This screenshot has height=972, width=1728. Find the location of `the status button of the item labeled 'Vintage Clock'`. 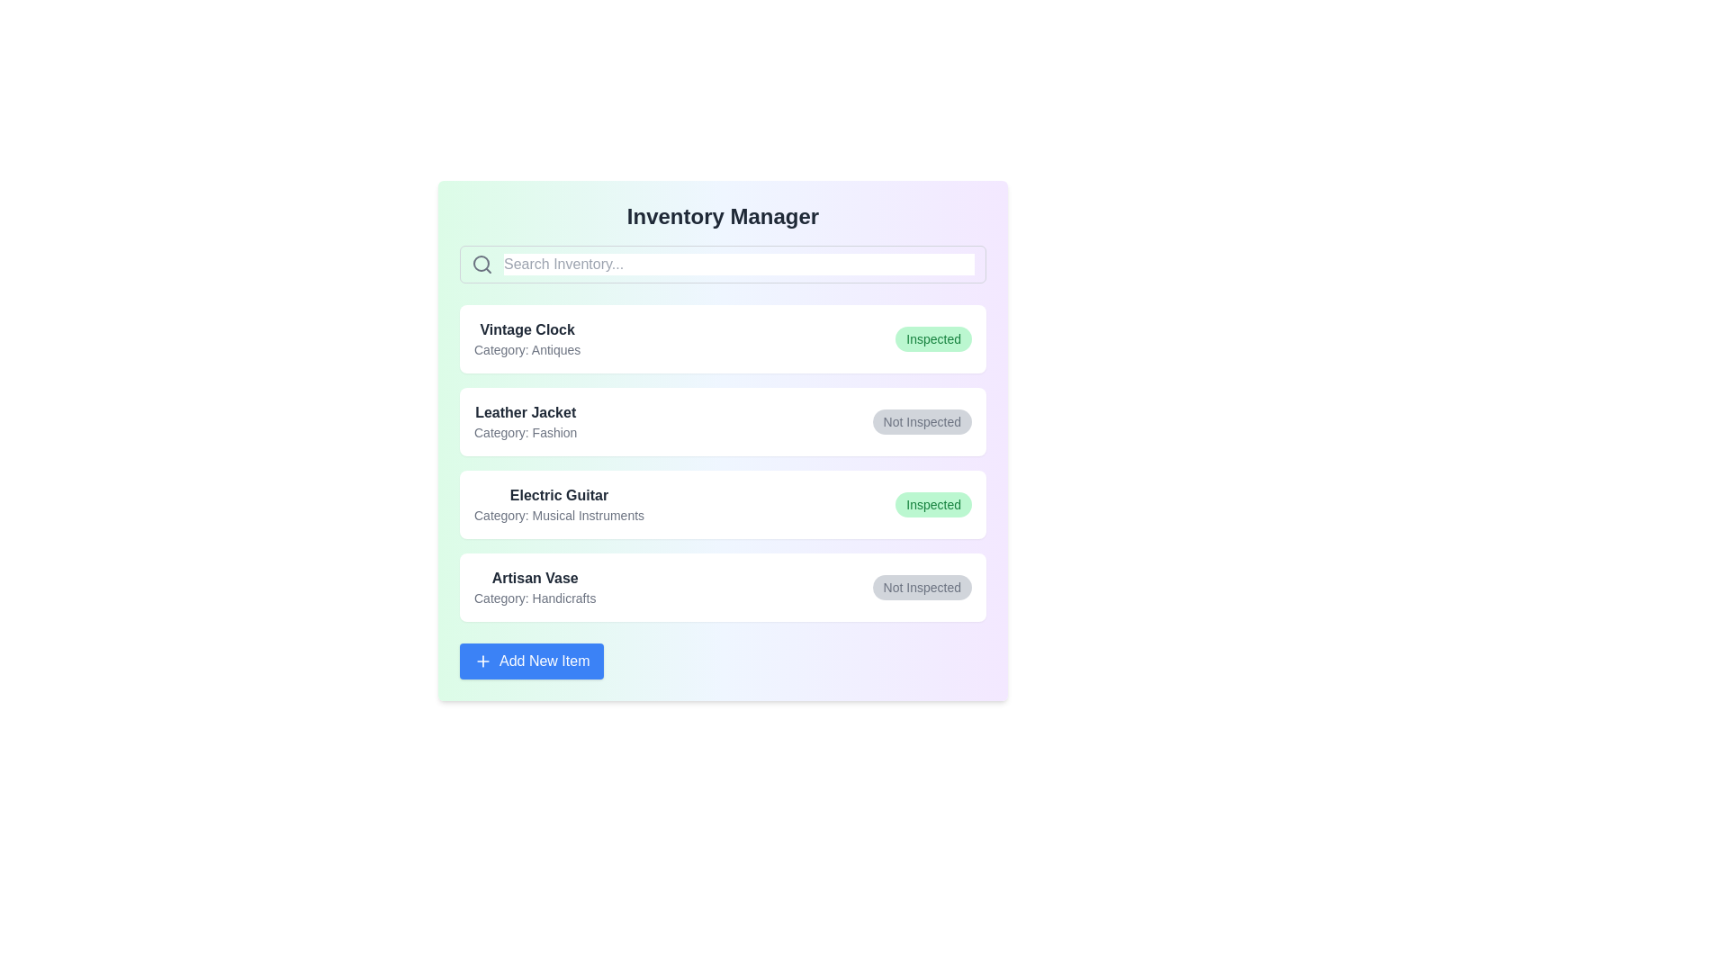

the status button of the item labeled 'Vintage Clock' is located at coordinates (933, 339).